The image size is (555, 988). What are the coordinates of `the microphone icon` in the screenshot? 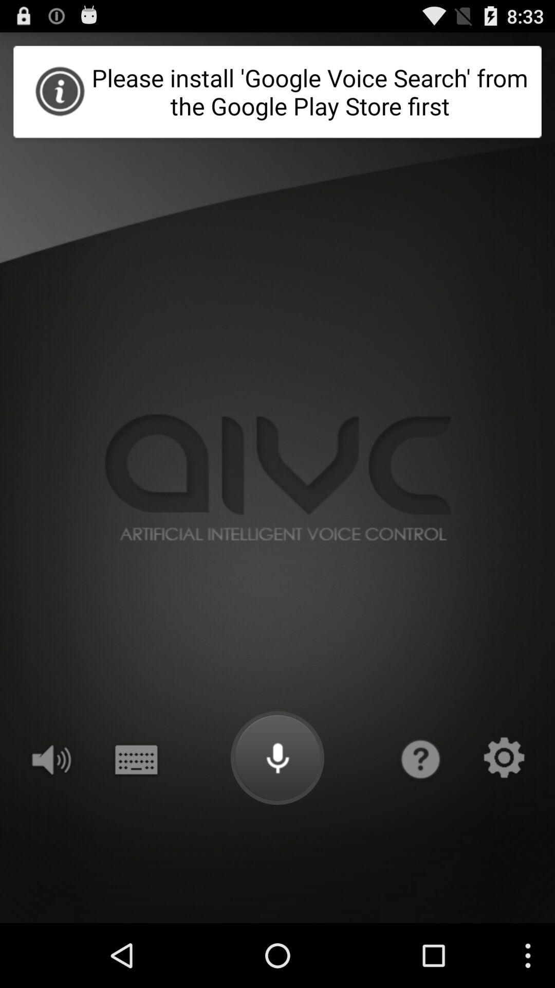 It's located at (277, 810).